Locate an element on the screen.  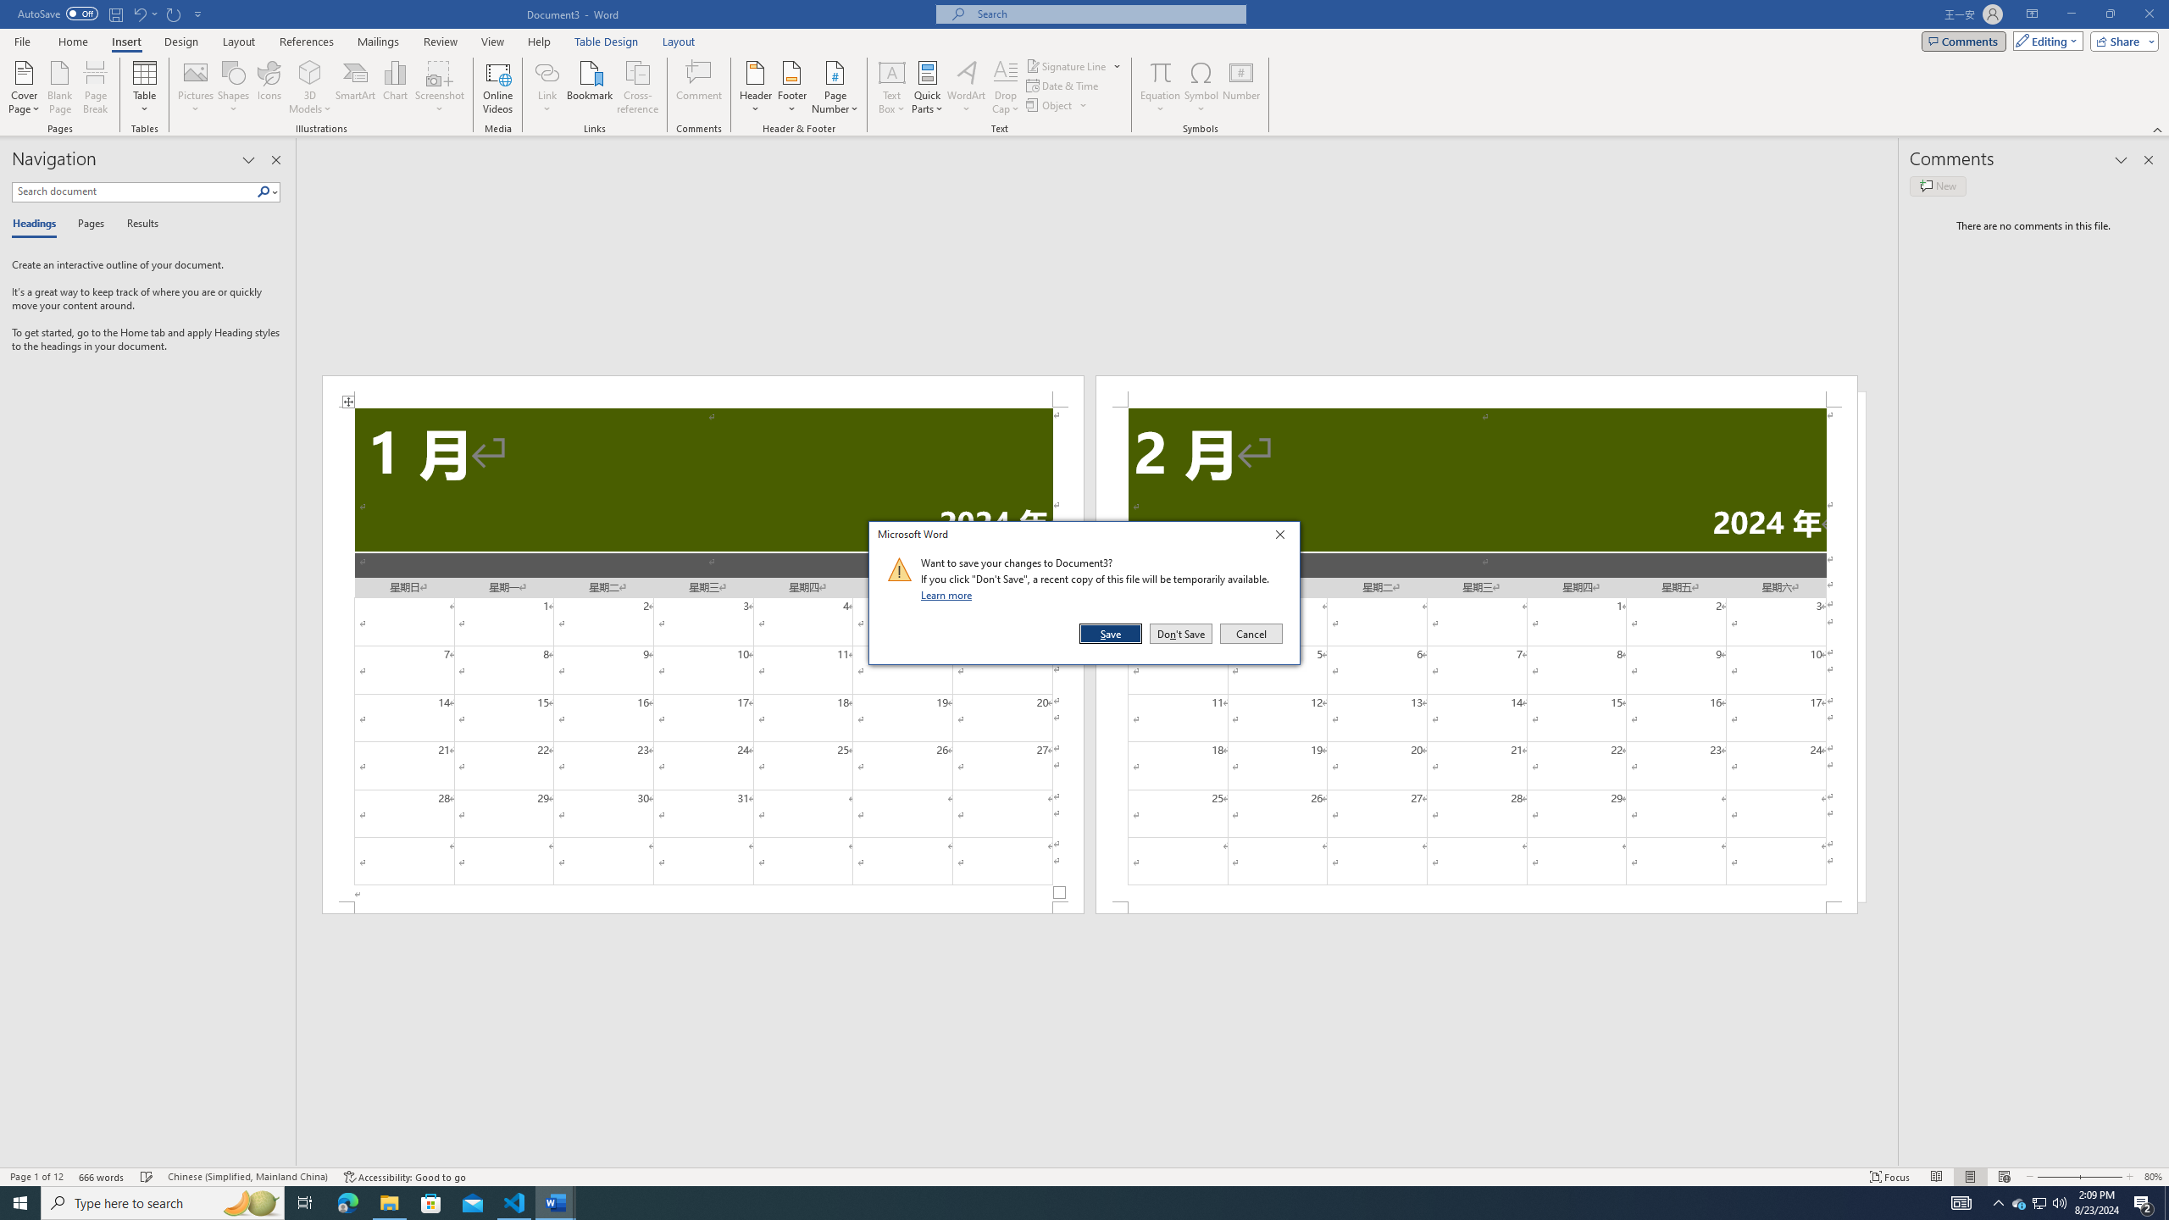
'Text Box' is located at coordinates (891, 87).